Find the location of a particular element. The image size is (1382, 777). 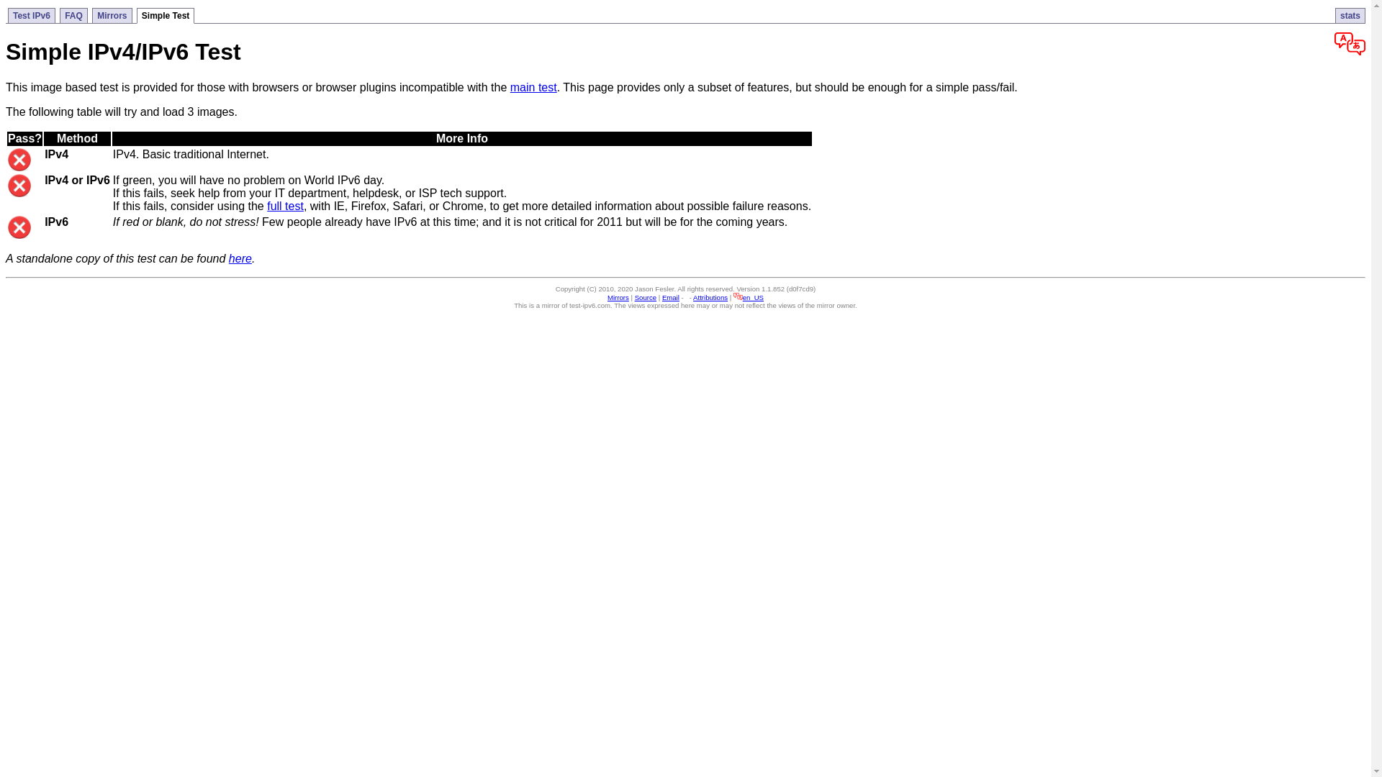

'main test' is located at coordinates (533, 87).